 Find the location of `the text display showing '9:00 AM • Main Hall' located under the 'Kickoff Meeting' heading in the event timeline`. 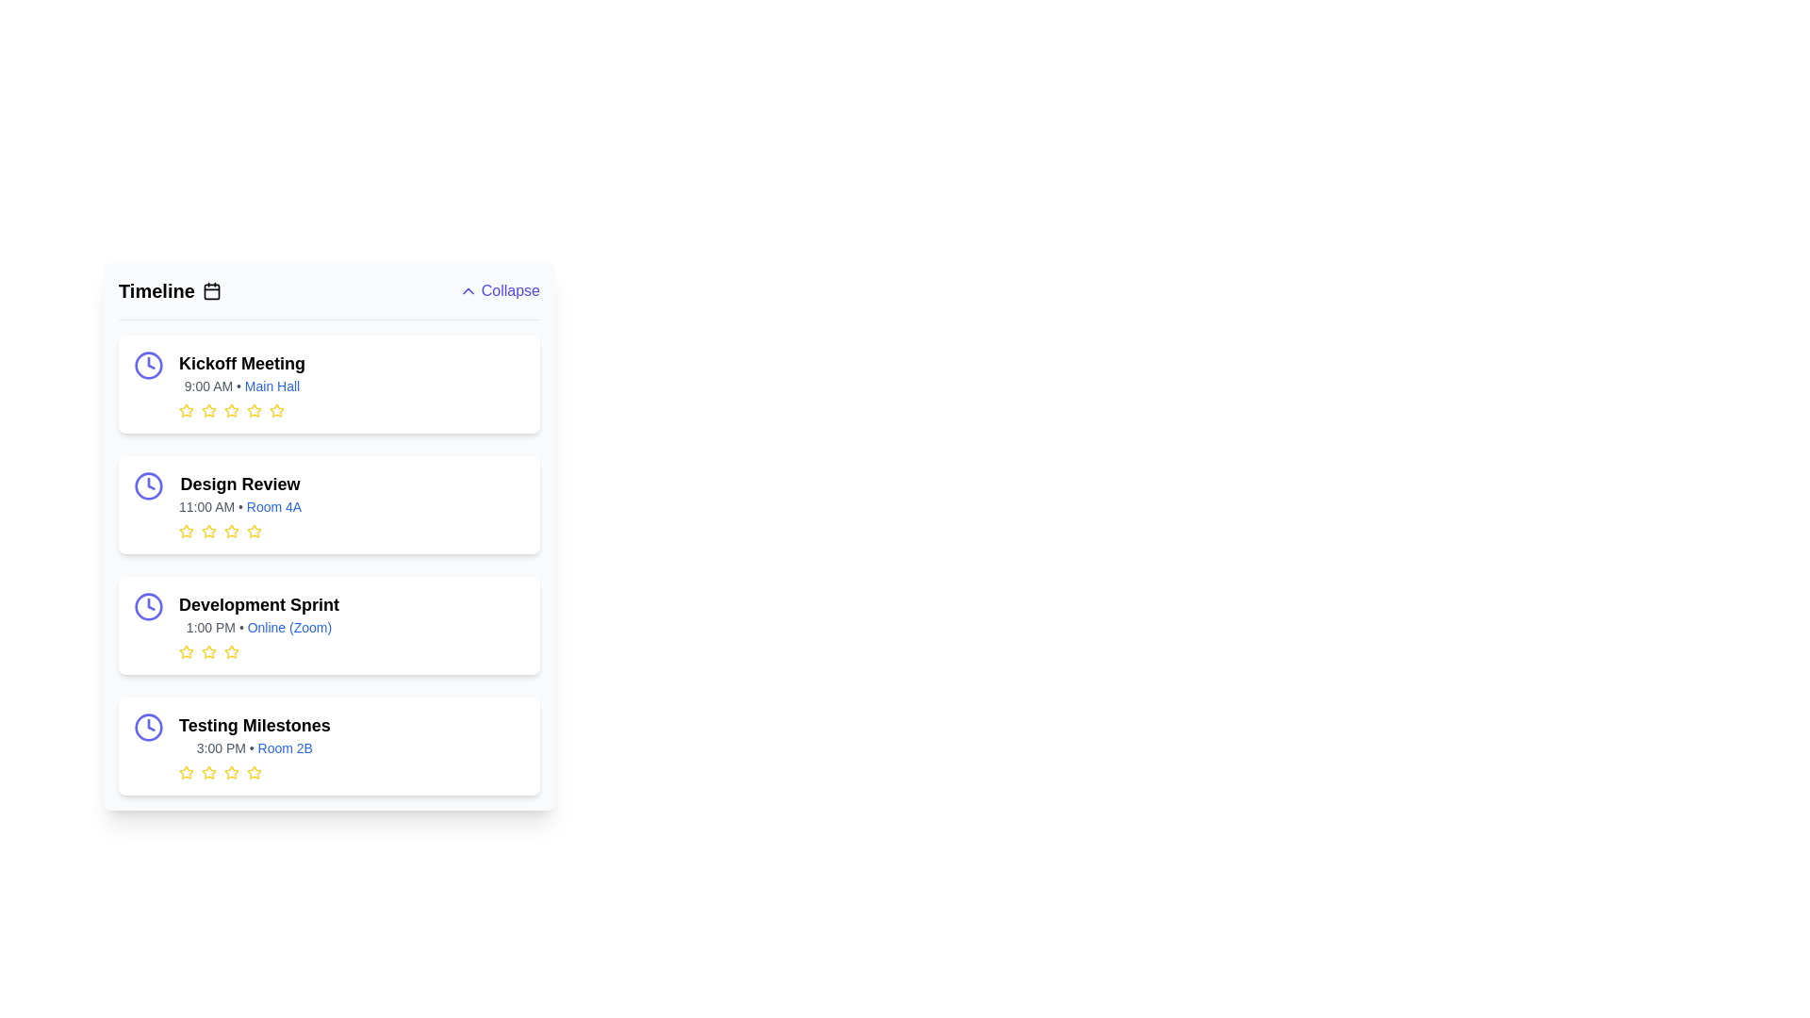

the text display showing '9:00 AM • Main Hall' located under the 'Kickoff Meeting' heading in the event timeline is located at coordinates (241, 385).